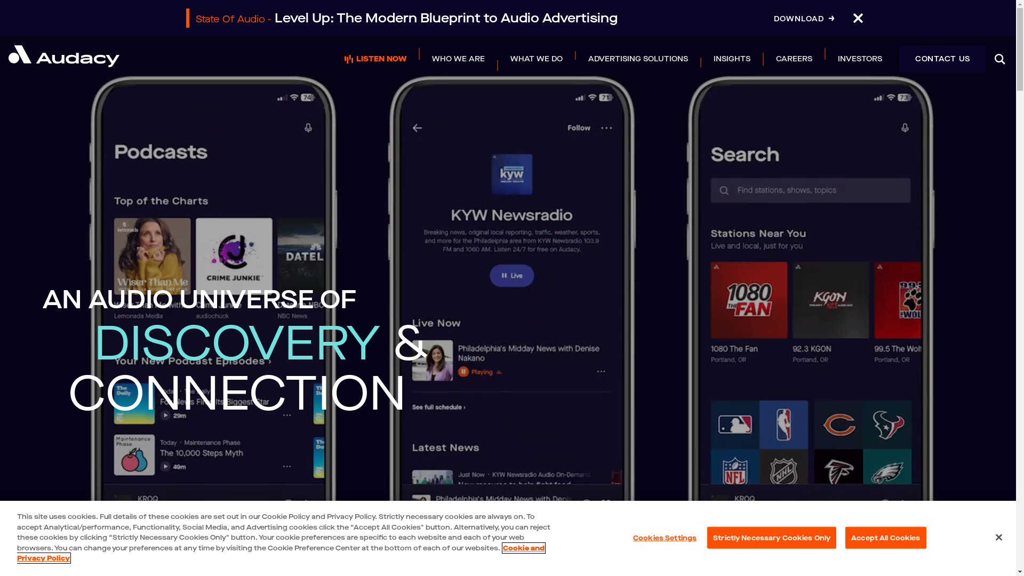  I want to click on 'ADVERTISING SOLUTIONS', so click(638, 59).